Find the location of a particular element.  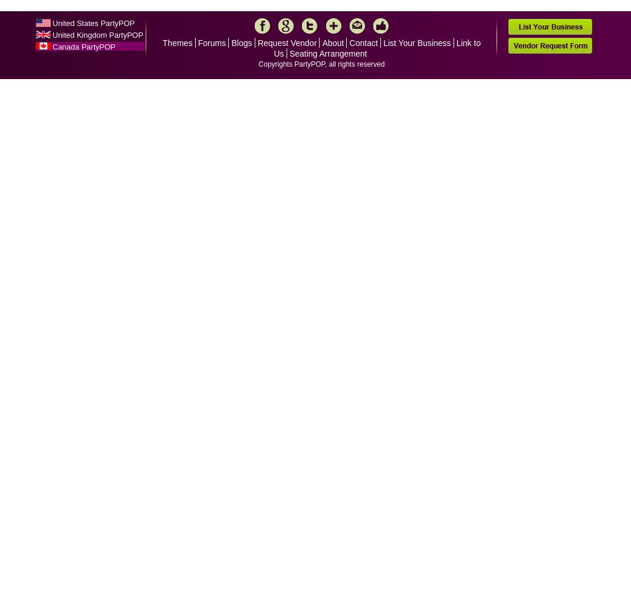

'Link to Us' is located at coordinates (377, 48).